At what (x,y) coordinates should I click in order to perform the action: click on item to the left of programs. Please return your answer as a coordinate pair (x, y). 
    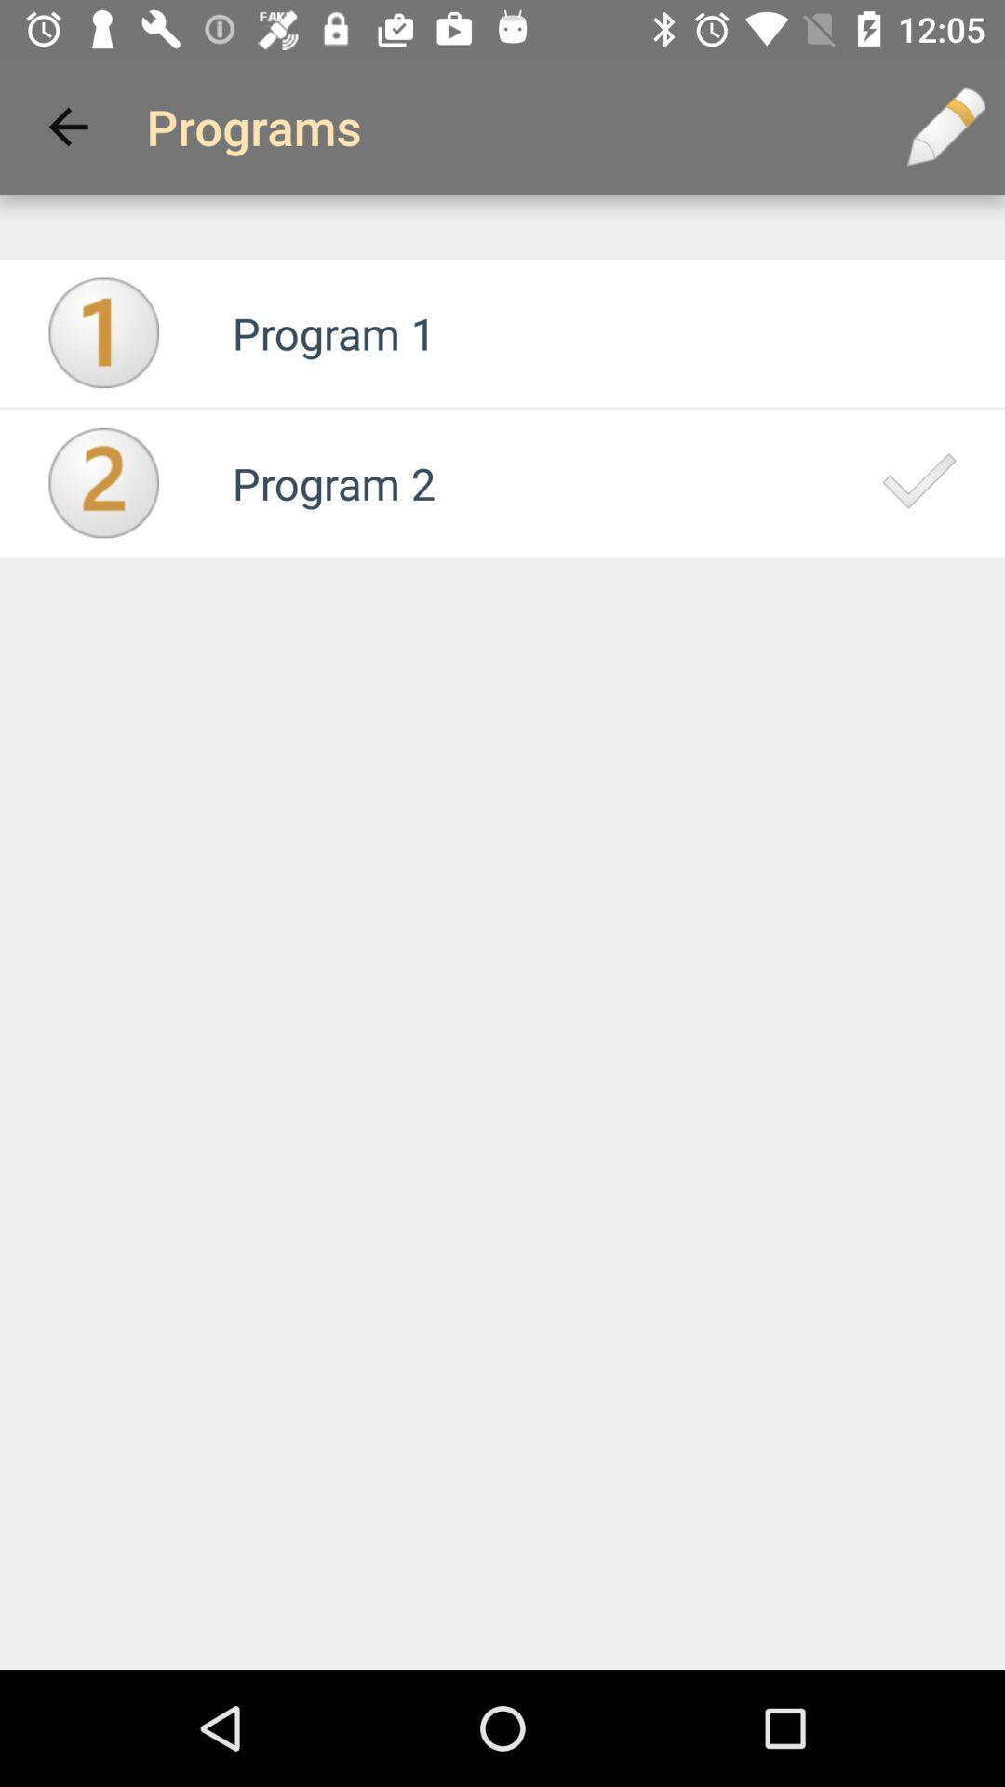
    Looking at the image, I should click on (67, 126).